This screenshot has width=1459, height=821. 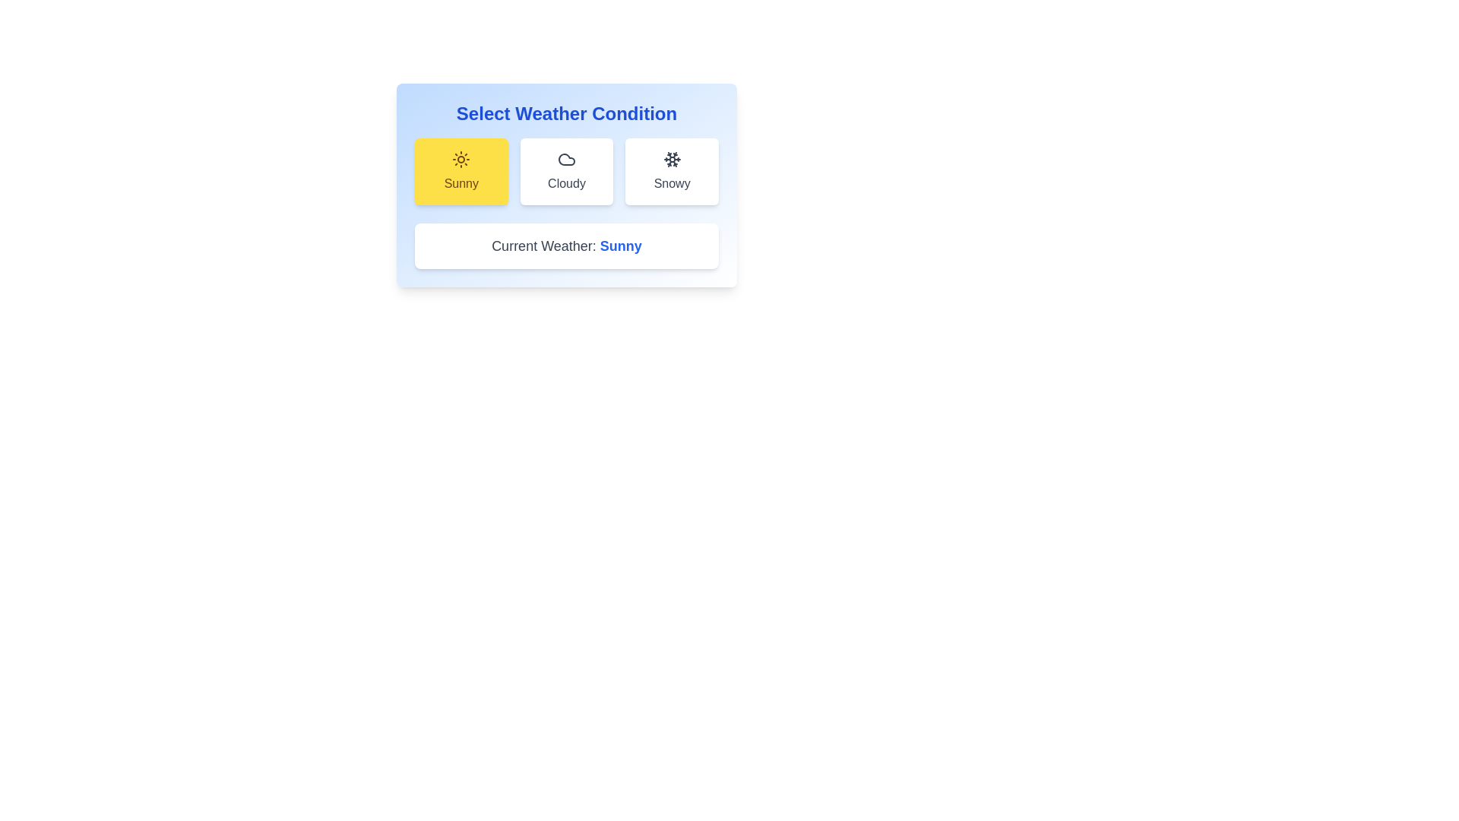 What do you see at coordinates (565, 246) in the screenshot?
I see `the Text Display Label that shows the currently selected weather condition, positioned centrally below the weather selection options` at bounding box center [565, 246].